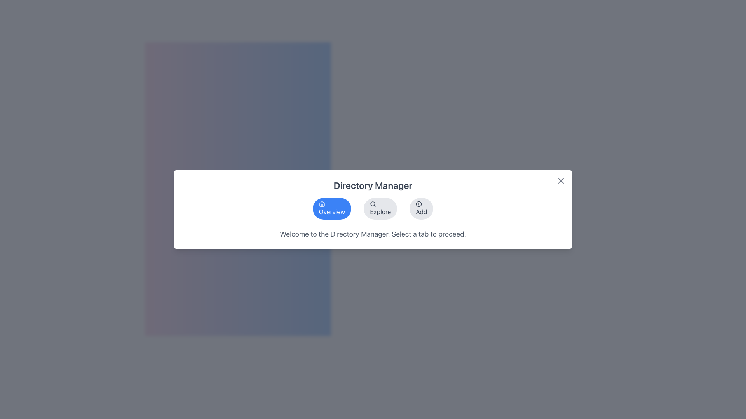 The image size is (746, 419). Describe the element at coordinates (561, 181) in the screenshot. I see `the close icon located in the top-right corner of the modal dialog box` at that location.